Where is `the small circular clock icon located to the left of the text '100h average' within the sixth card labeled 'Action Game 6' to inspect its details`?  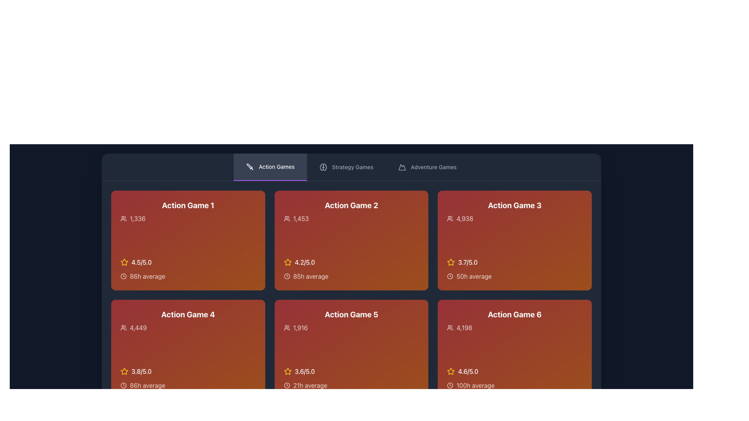
the small circular clock icon located to the left of the text '100h average' within the sixth card labeled 'Action Game 6' to inspect its details is located at coordinates (450, 385).